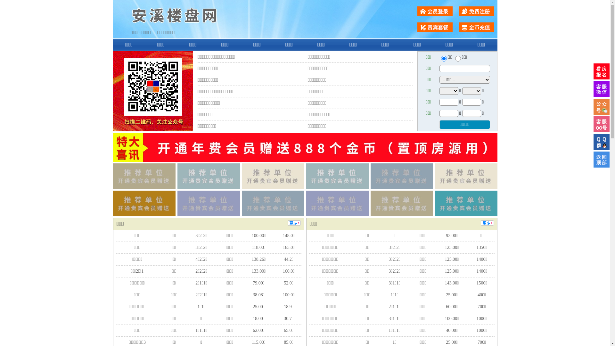 Image resolution: width=615 pixels, height=346 pixels. I want to click on 'ershou', so click(443, 58).